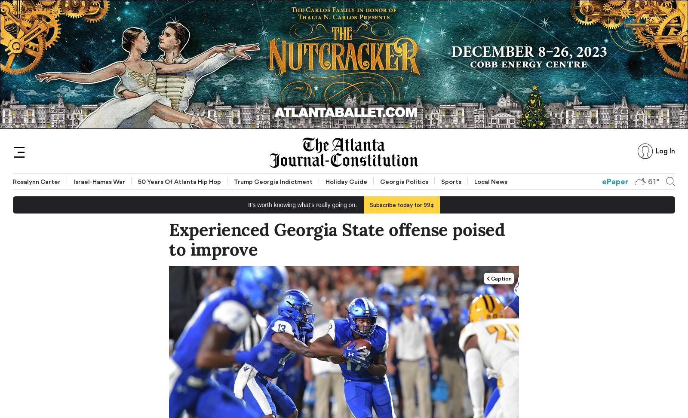 Image resolution: width=688 pixels, height=418 pixels. Describe the element at coordinates (346, 181) in the screenshot. I see `'Holiday Guide'` at that location.